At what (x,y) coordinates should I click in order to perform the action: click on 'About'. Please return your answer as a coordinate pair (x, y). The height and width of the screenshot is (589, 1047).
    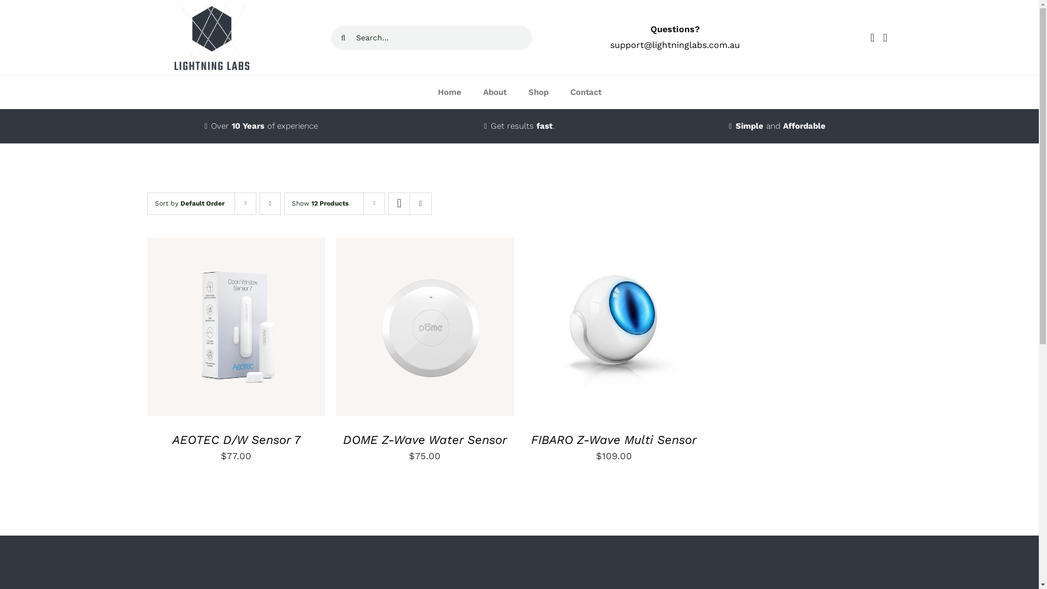
    Looking at the image, I should click on (472, 92).